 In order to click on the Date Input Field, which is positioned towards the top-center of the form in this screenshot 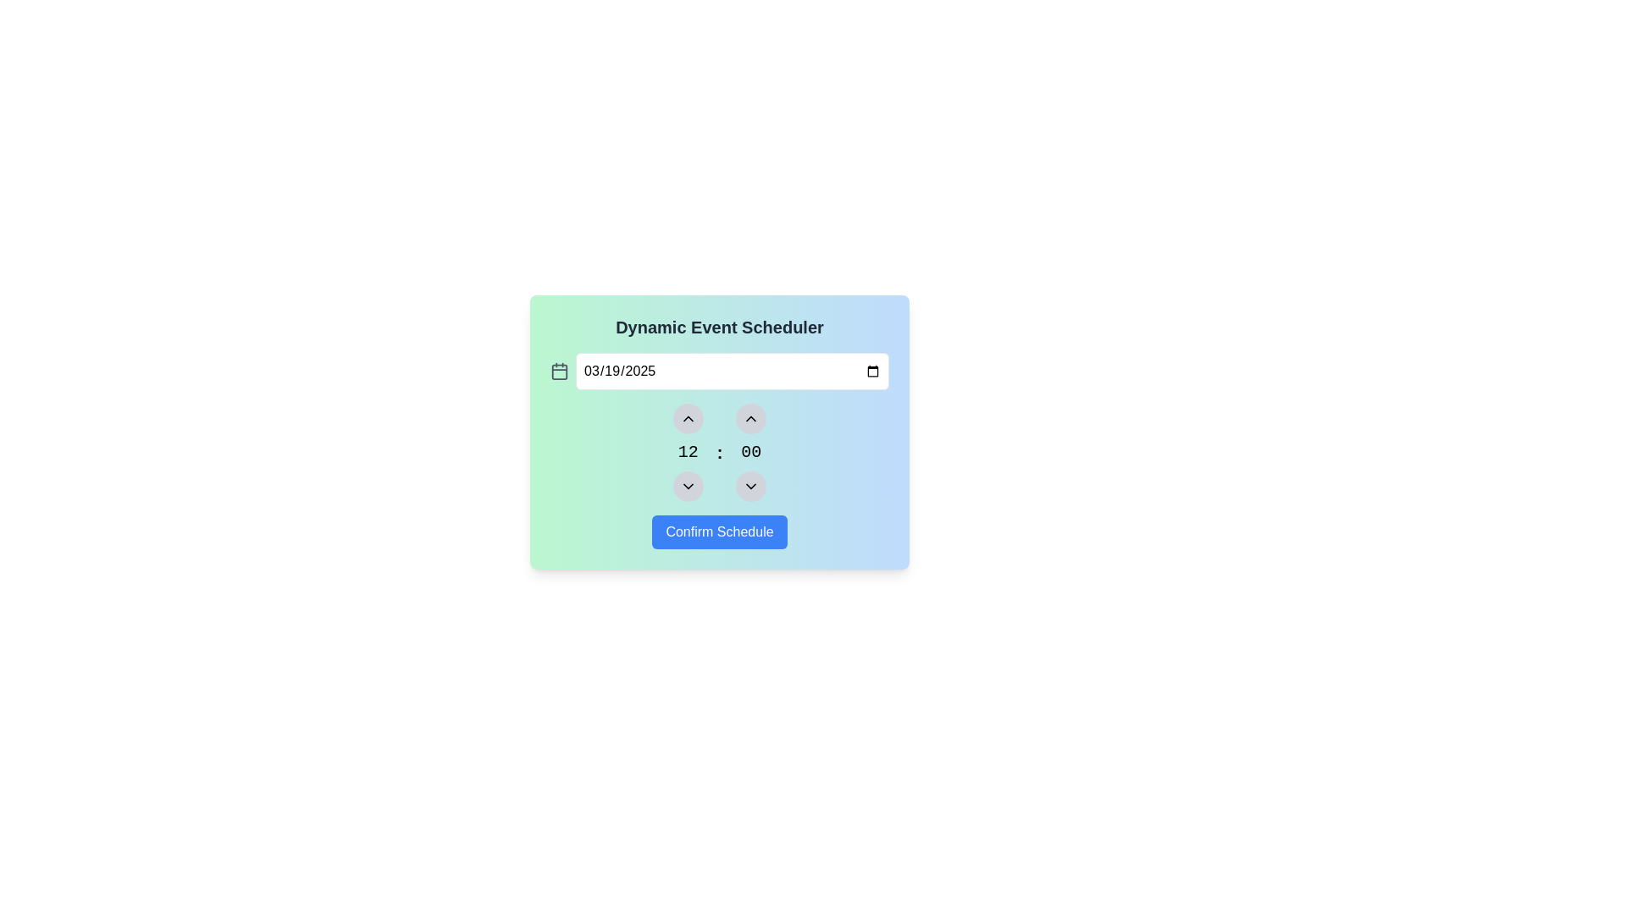, I will do `click(732, 371)`.